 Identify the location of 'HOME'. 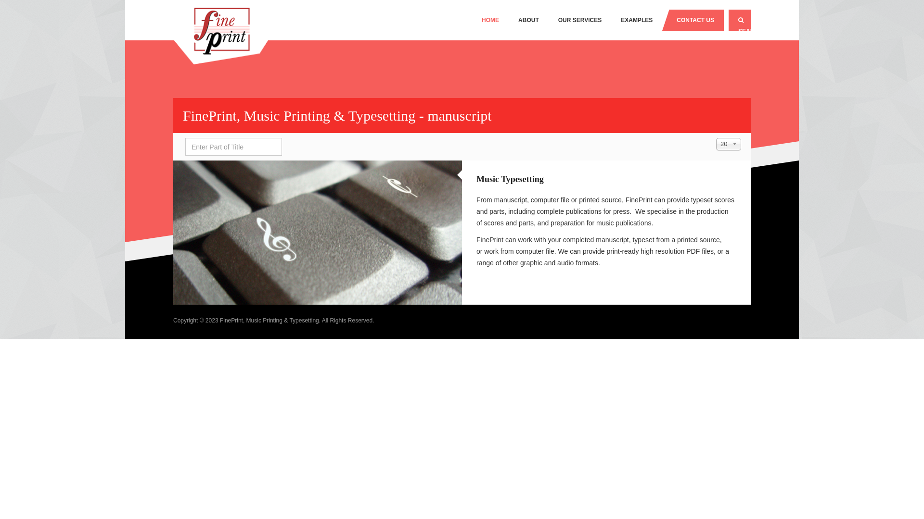
(490, 20).